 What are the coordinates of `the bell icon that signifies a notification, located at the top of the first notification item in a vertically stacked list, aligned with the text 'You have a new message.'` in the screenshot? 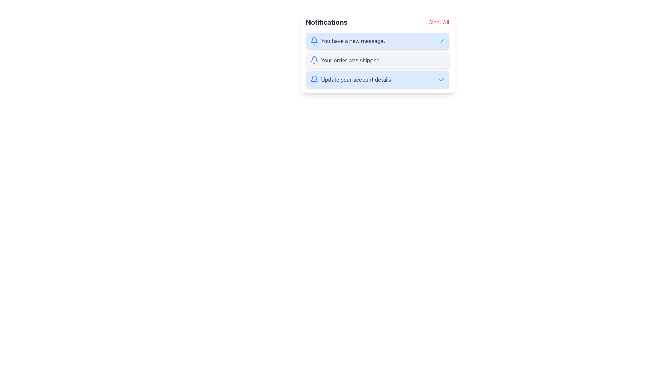 It's located at (314, 41).